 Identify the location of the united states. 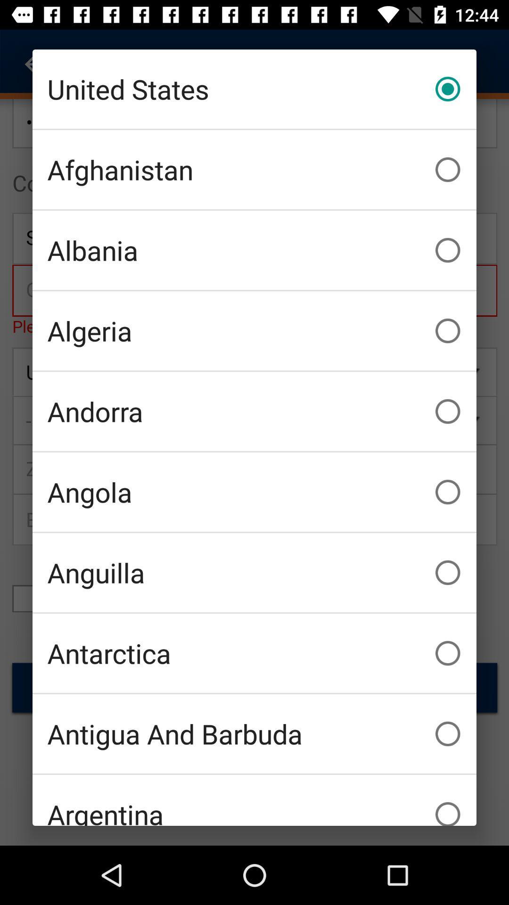
(254, 89).